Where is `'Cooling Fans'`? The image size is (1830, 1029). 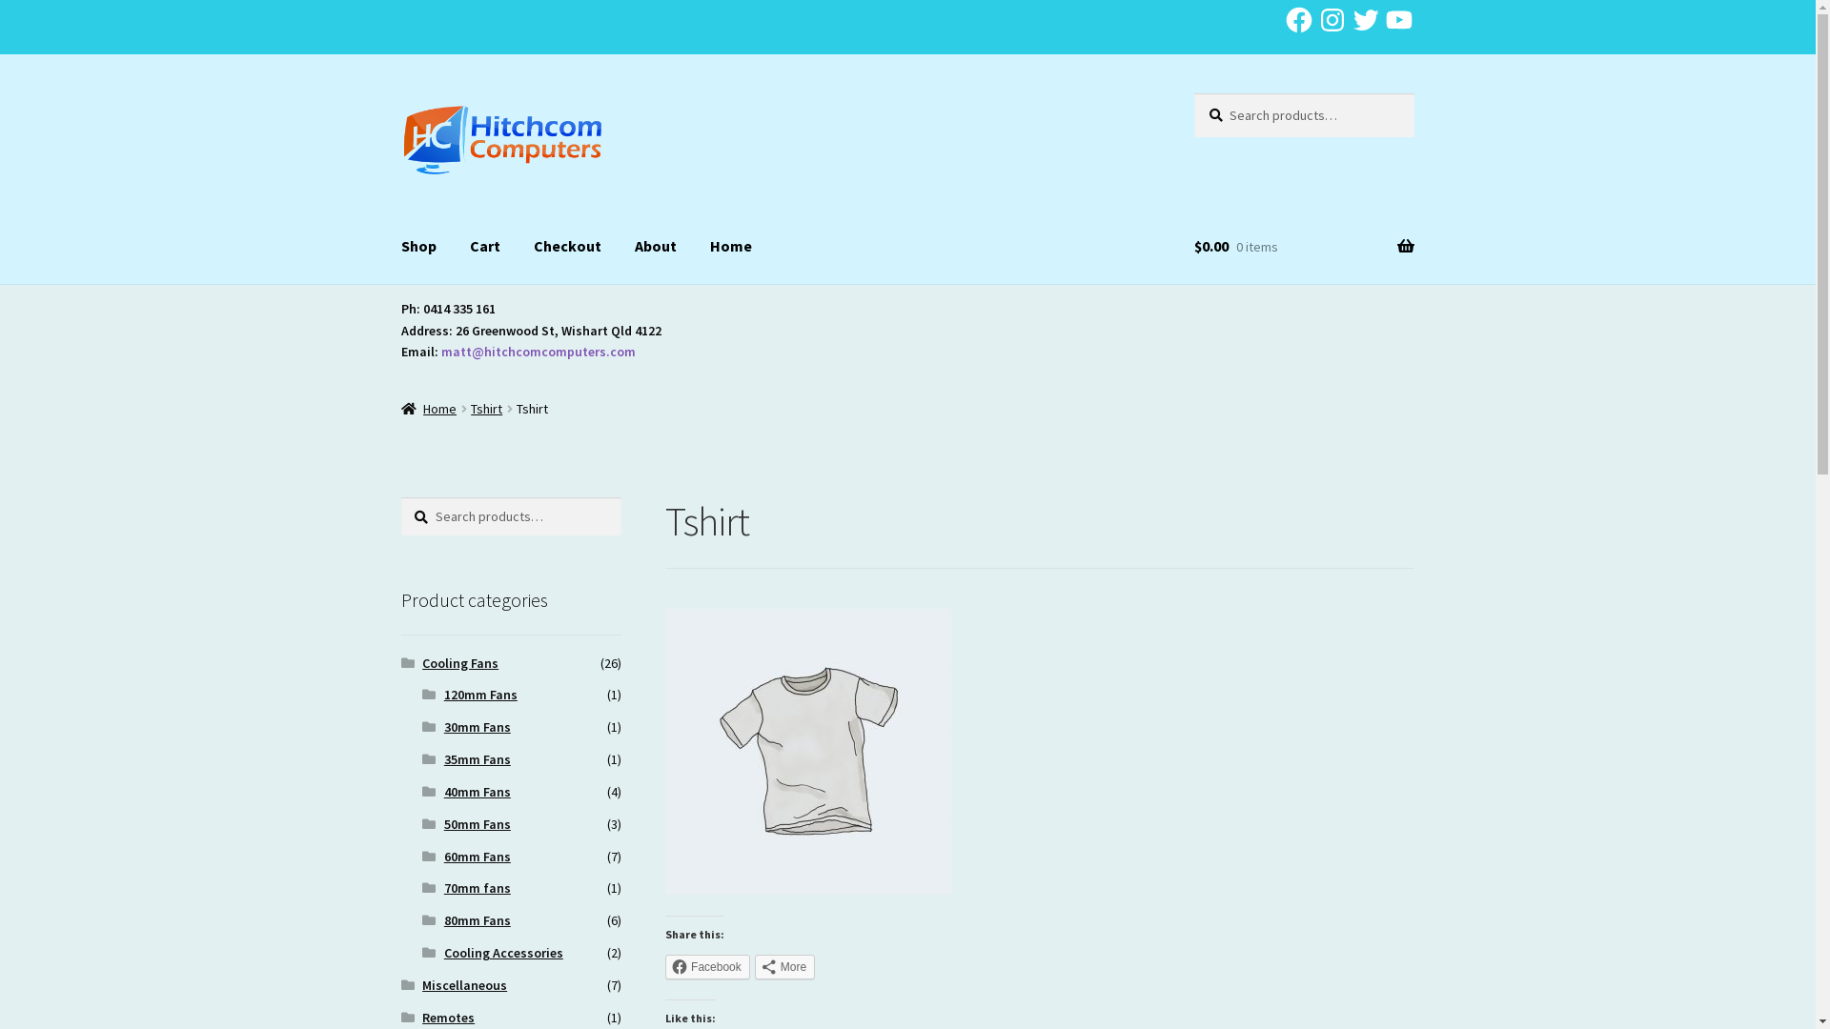 'Cooling Fans' is located at coordinates (460, 661).